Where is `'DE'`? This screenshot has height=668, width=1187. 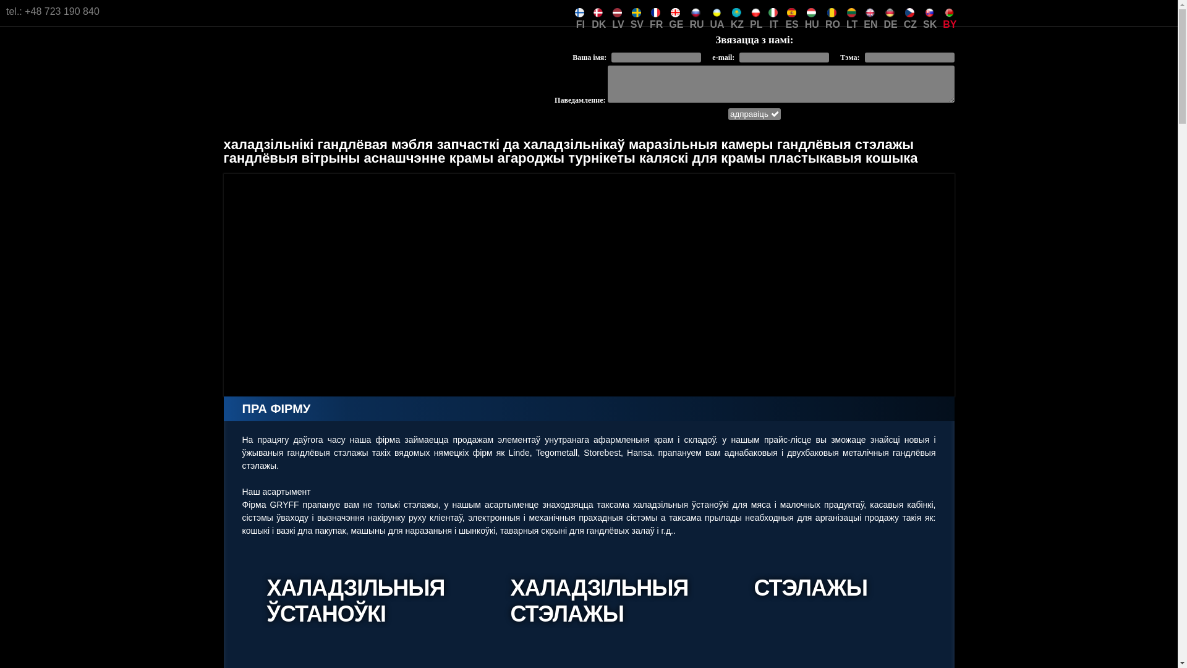
'DE' is located at coordinates (890, 12).